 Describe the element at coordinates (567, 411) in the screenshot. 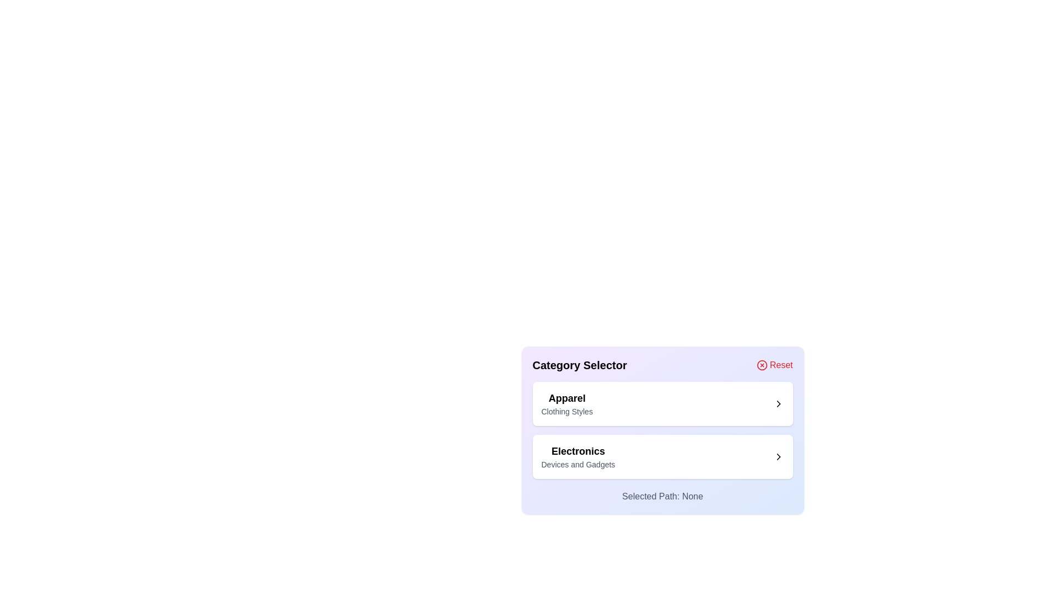

I see `the text label that serves as a description for the 'Apparel' category, located beneath the main heading 'Apparel' in its card` at that location.